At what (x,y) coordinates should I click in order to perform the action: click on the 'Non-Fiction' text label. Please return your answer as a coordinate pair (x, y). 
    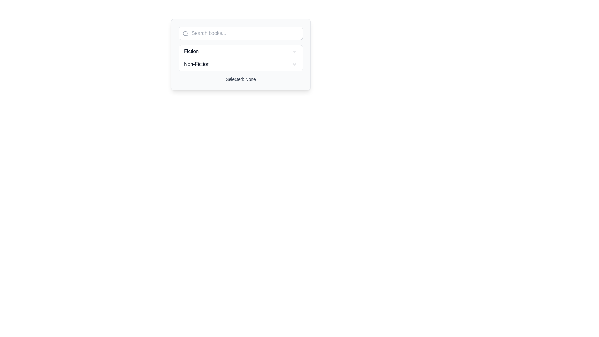
    Looking at the image, I should click on (196, 64).